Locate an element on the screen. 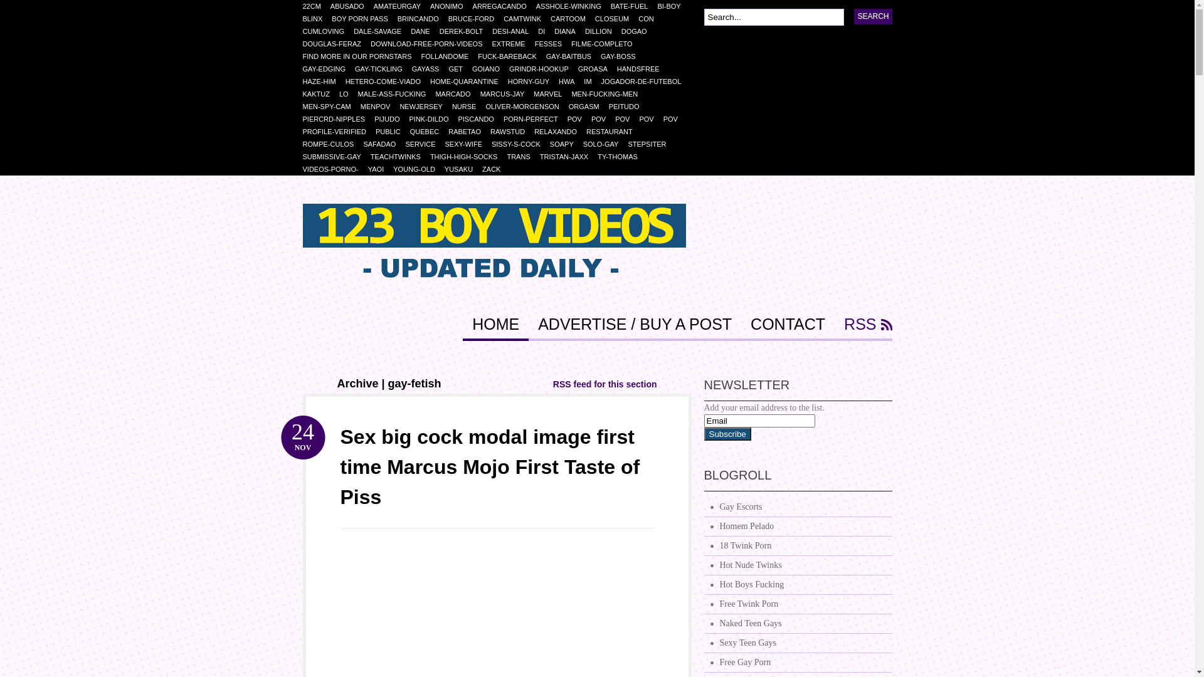 This screenshot has width=1204, height=677. 'Subscribe' is located at coordinates (727, 433).